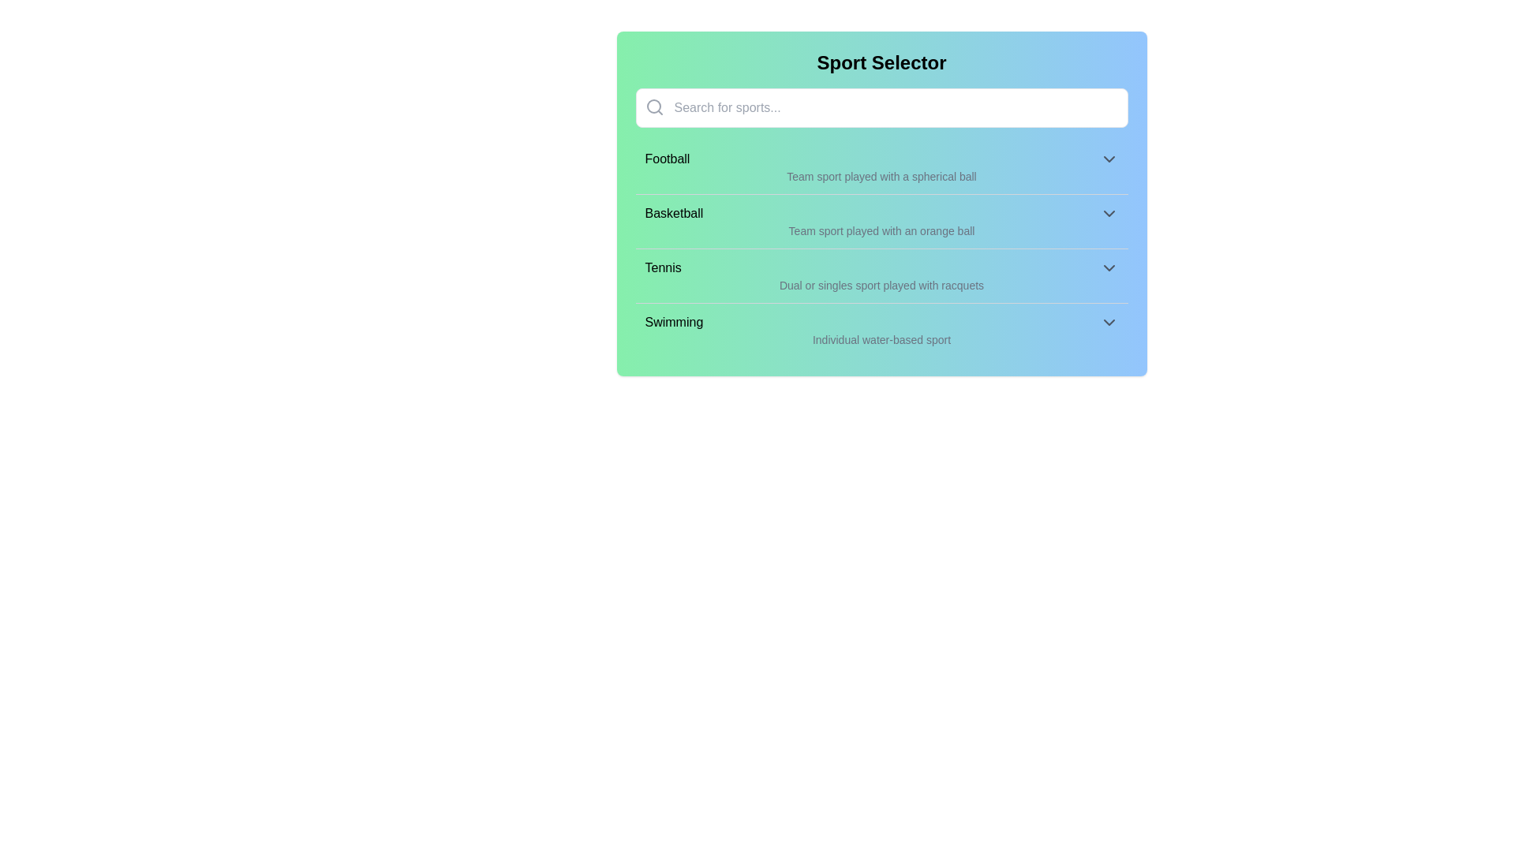 Image resolution: width=1515 pixels, height=852 pixels. Describe the element at coordinates (881, 176) in the screenshot. I see `the static text label displaying 'Team sport played with a spherical ball', which is located directly below the 'Football' title in the Sport Selector interface` at that location.